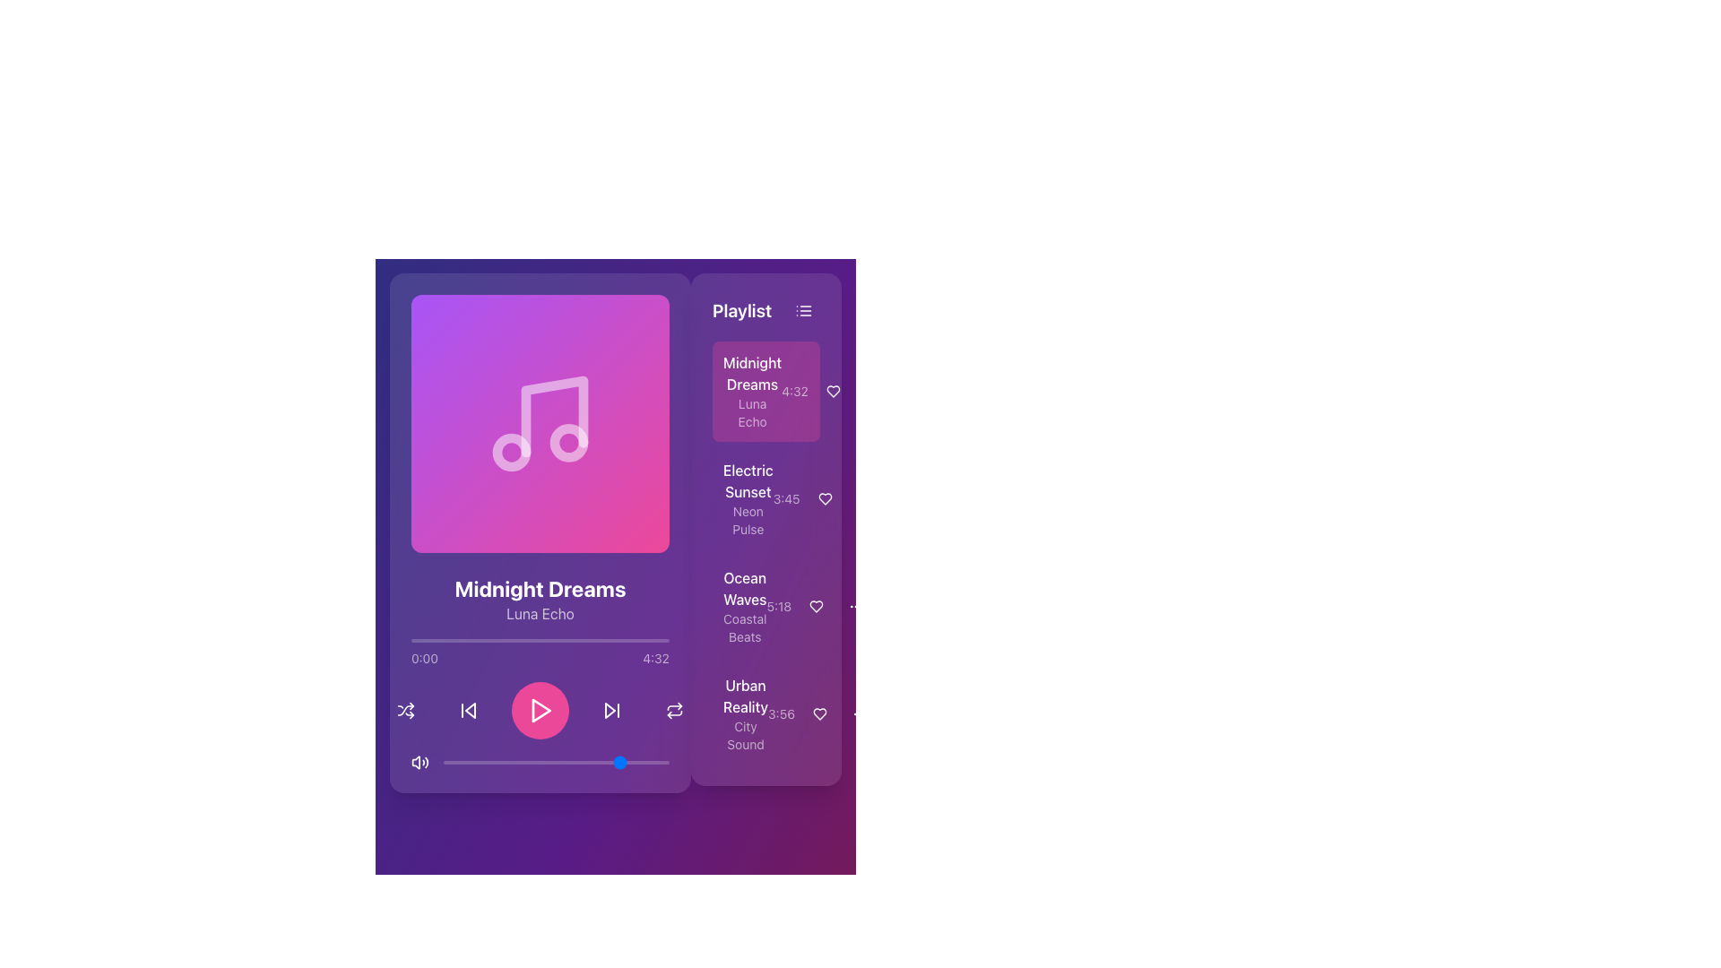  I want to click on the heart-shaped icon located to the right of the track duration '5:18' within the 'Ocean Waves - Coastal Beats' song entry to favorite the song, so click(817, 606).